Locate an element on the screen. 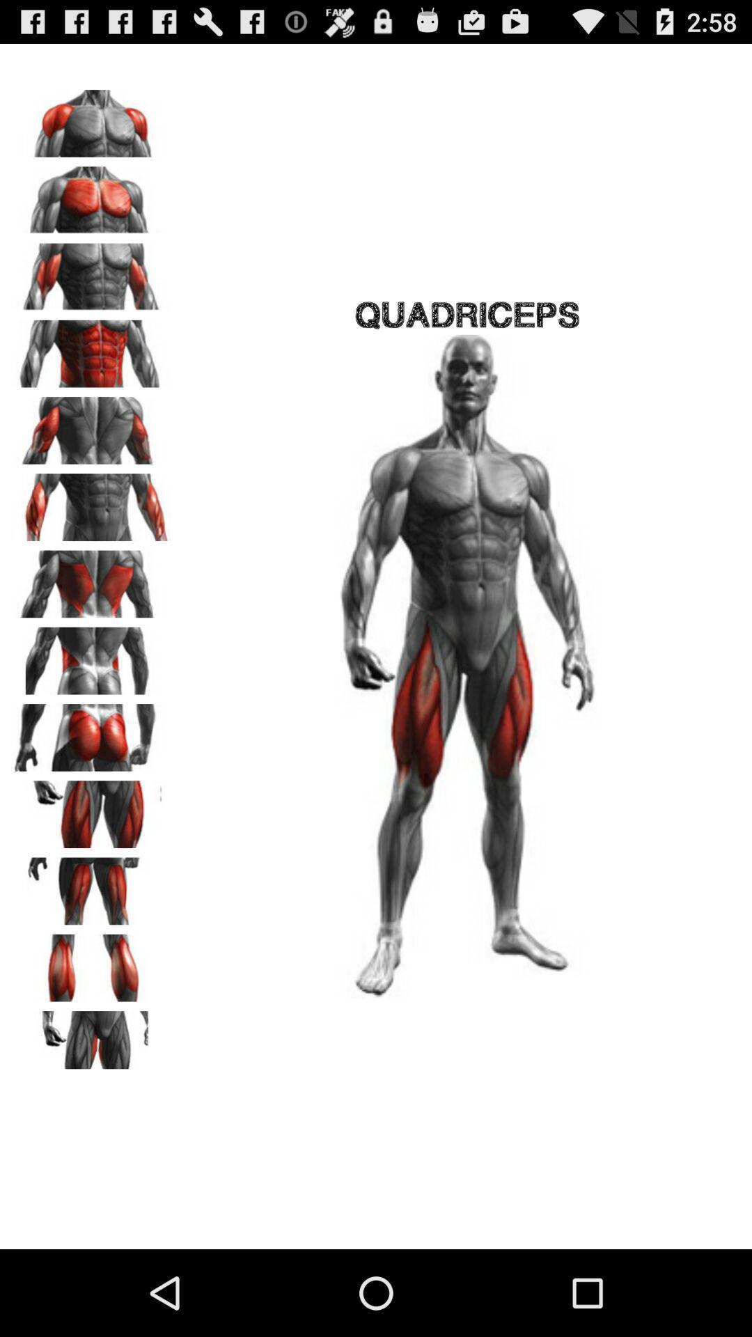 The height and width of the screenshot is (1337, 752). photo is located at coordinates (91, 962).